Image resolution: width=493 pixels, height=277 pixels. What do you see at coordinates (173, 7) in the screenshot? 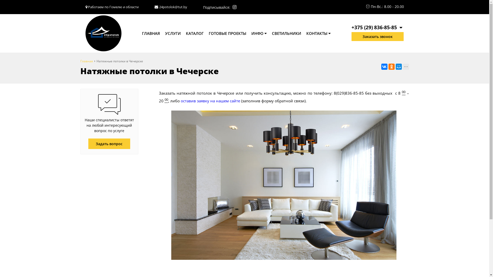
I see `'24potolok@tut.by'` at bounding box center [173, 7].